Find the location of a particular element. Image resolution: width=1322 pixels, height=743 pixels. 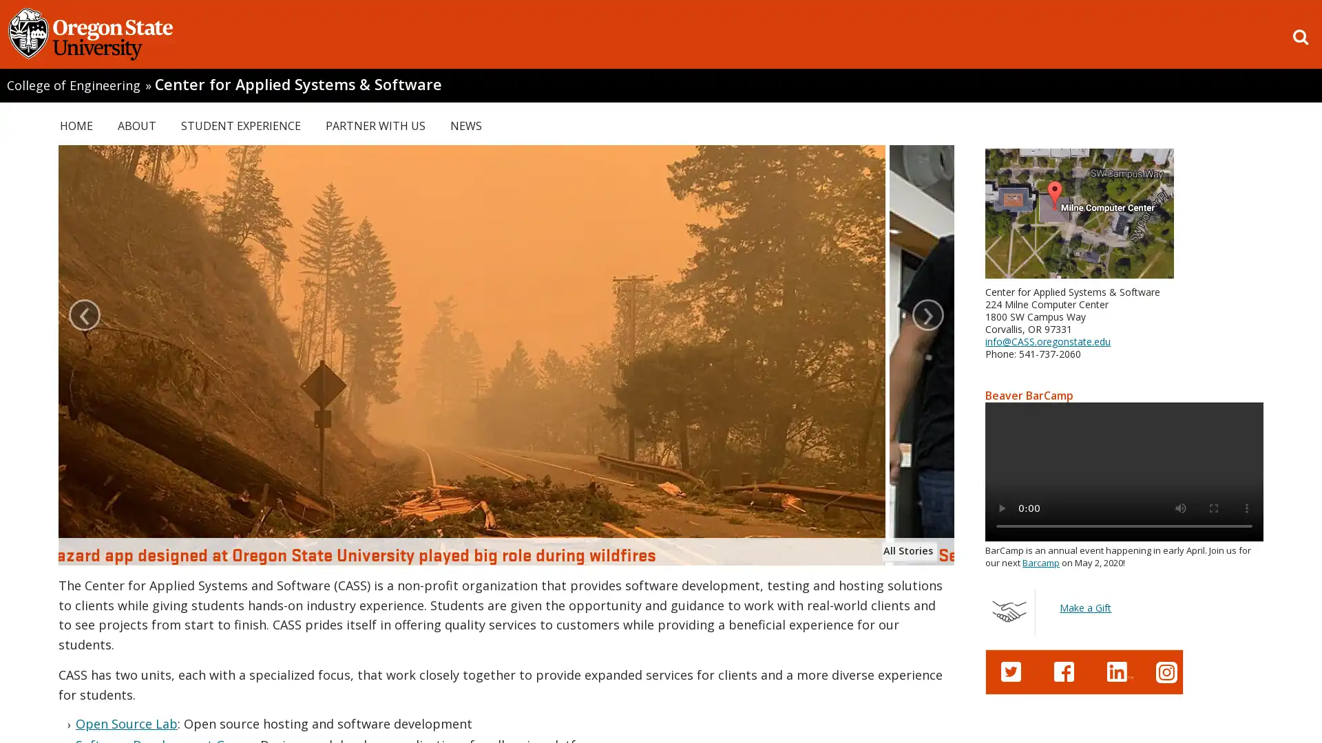

mute is located at coordinates (1179, 507).